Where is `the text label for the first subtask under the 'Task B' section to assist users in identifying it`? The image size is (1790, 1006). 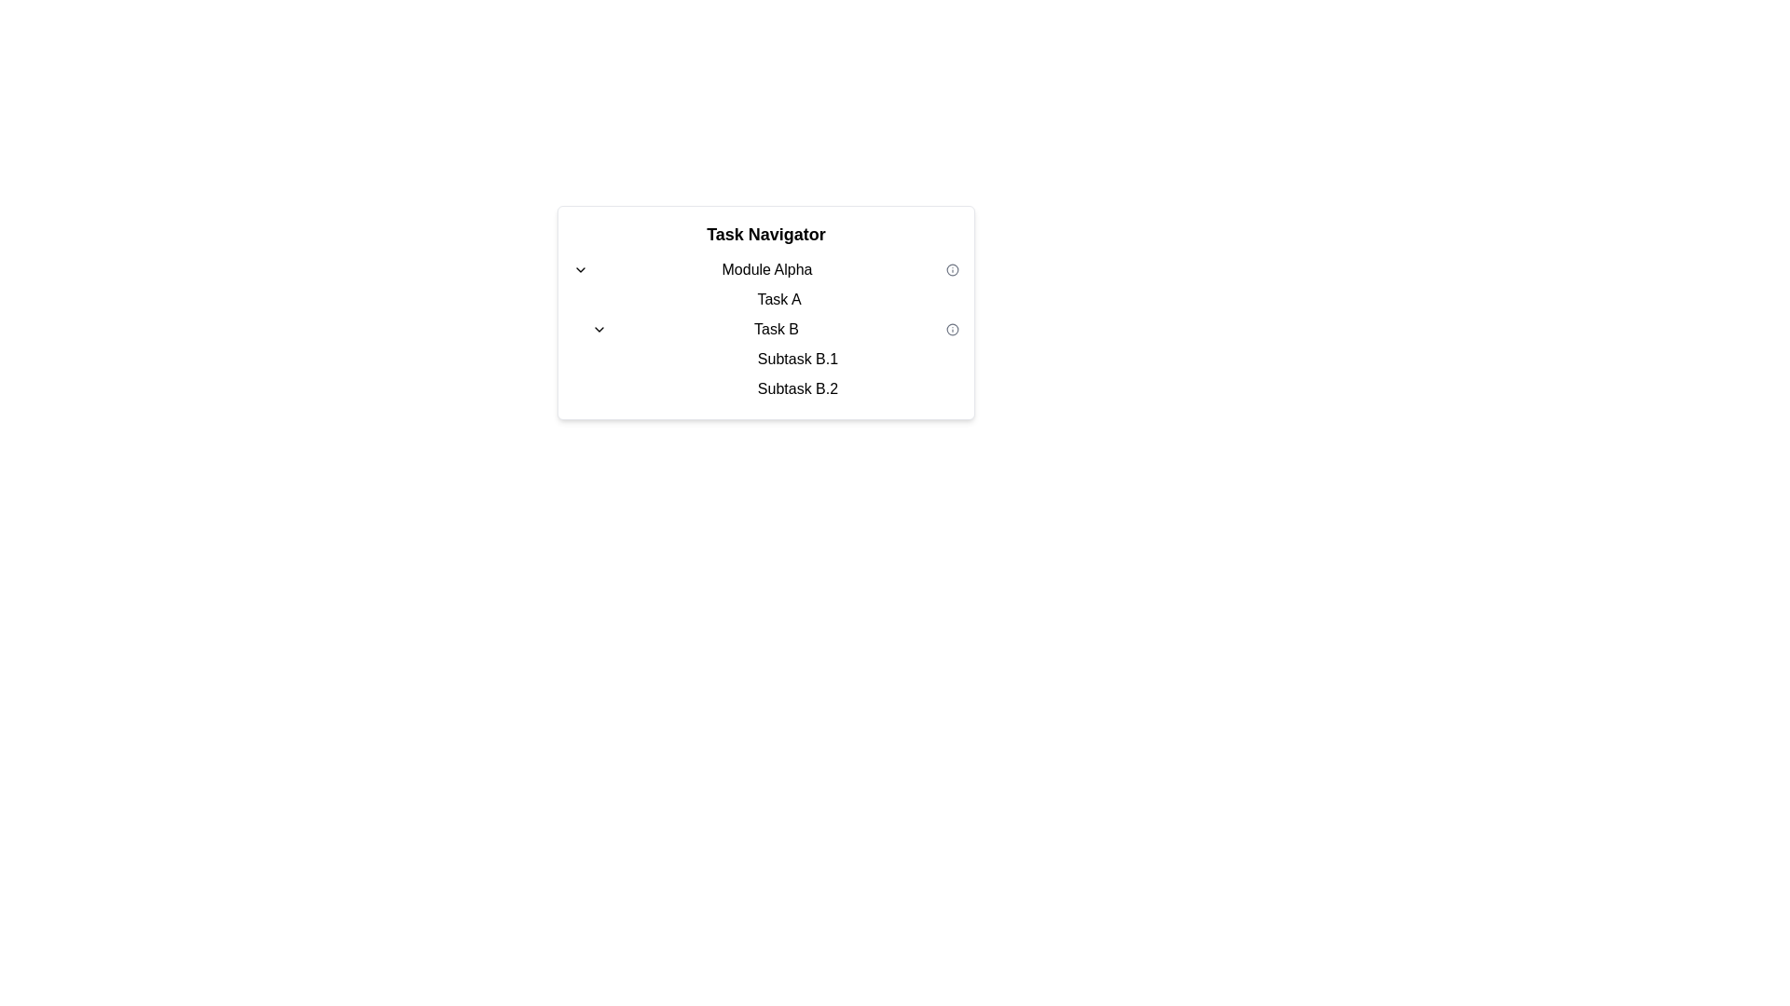
the text label for the first subtask under the 'Task B' section to assist users in identifying it is located at coordinates (793, 359).